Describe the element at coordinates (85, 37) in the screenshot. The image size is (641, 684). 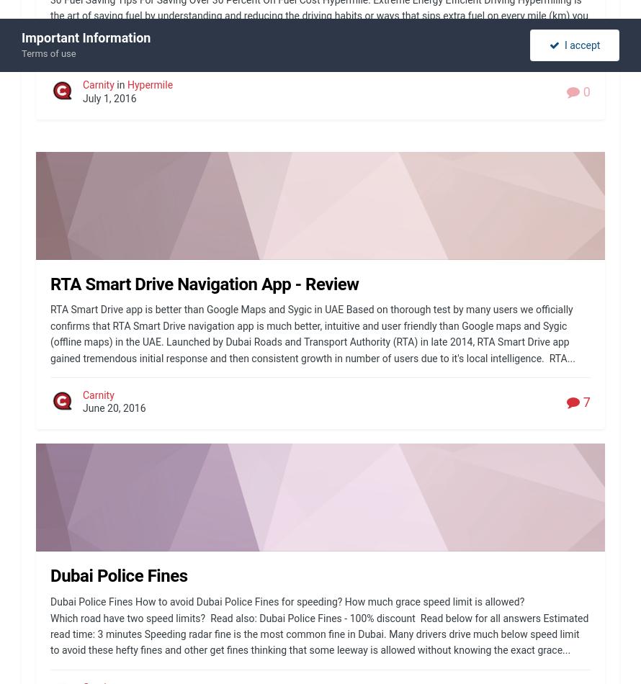
I see `'Important Information'` at that location.